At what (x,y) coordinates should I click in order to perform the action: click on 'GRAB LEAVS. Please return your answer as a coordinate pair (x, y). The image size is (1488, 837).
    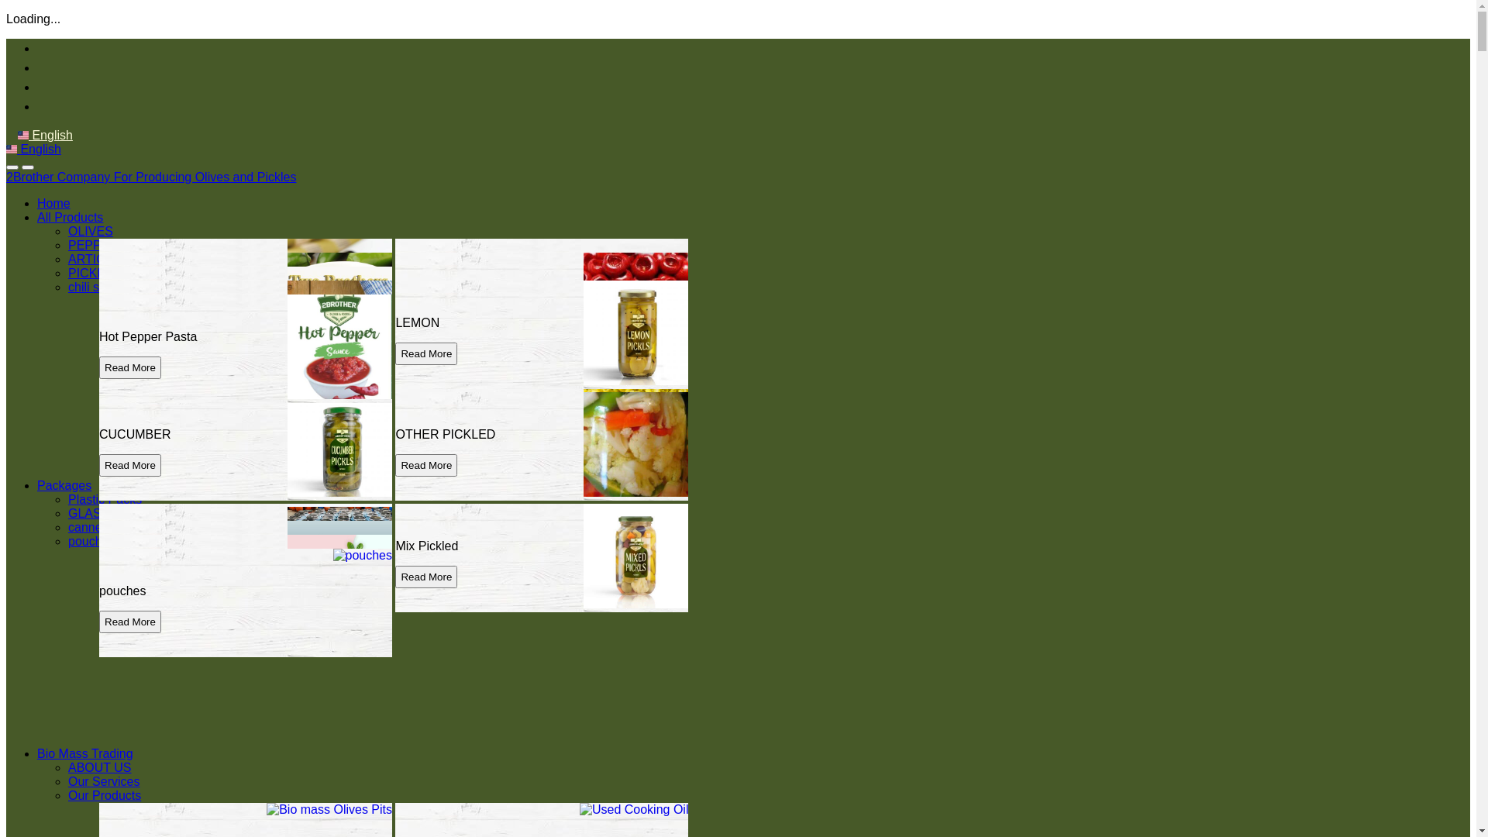
    Looking at the image, I should click on (244, 334).